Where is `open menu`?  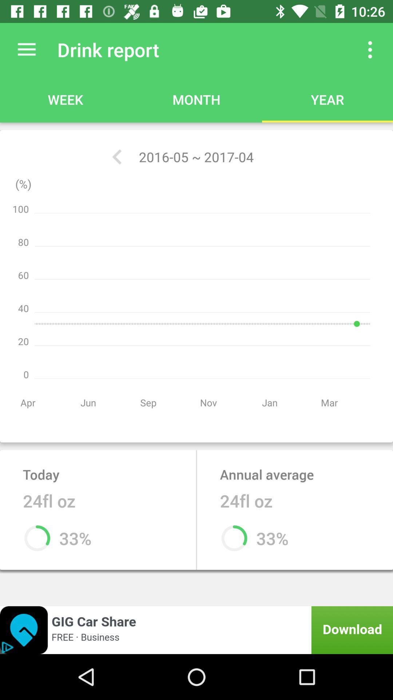 open menu is located at coordinates (26, 49).